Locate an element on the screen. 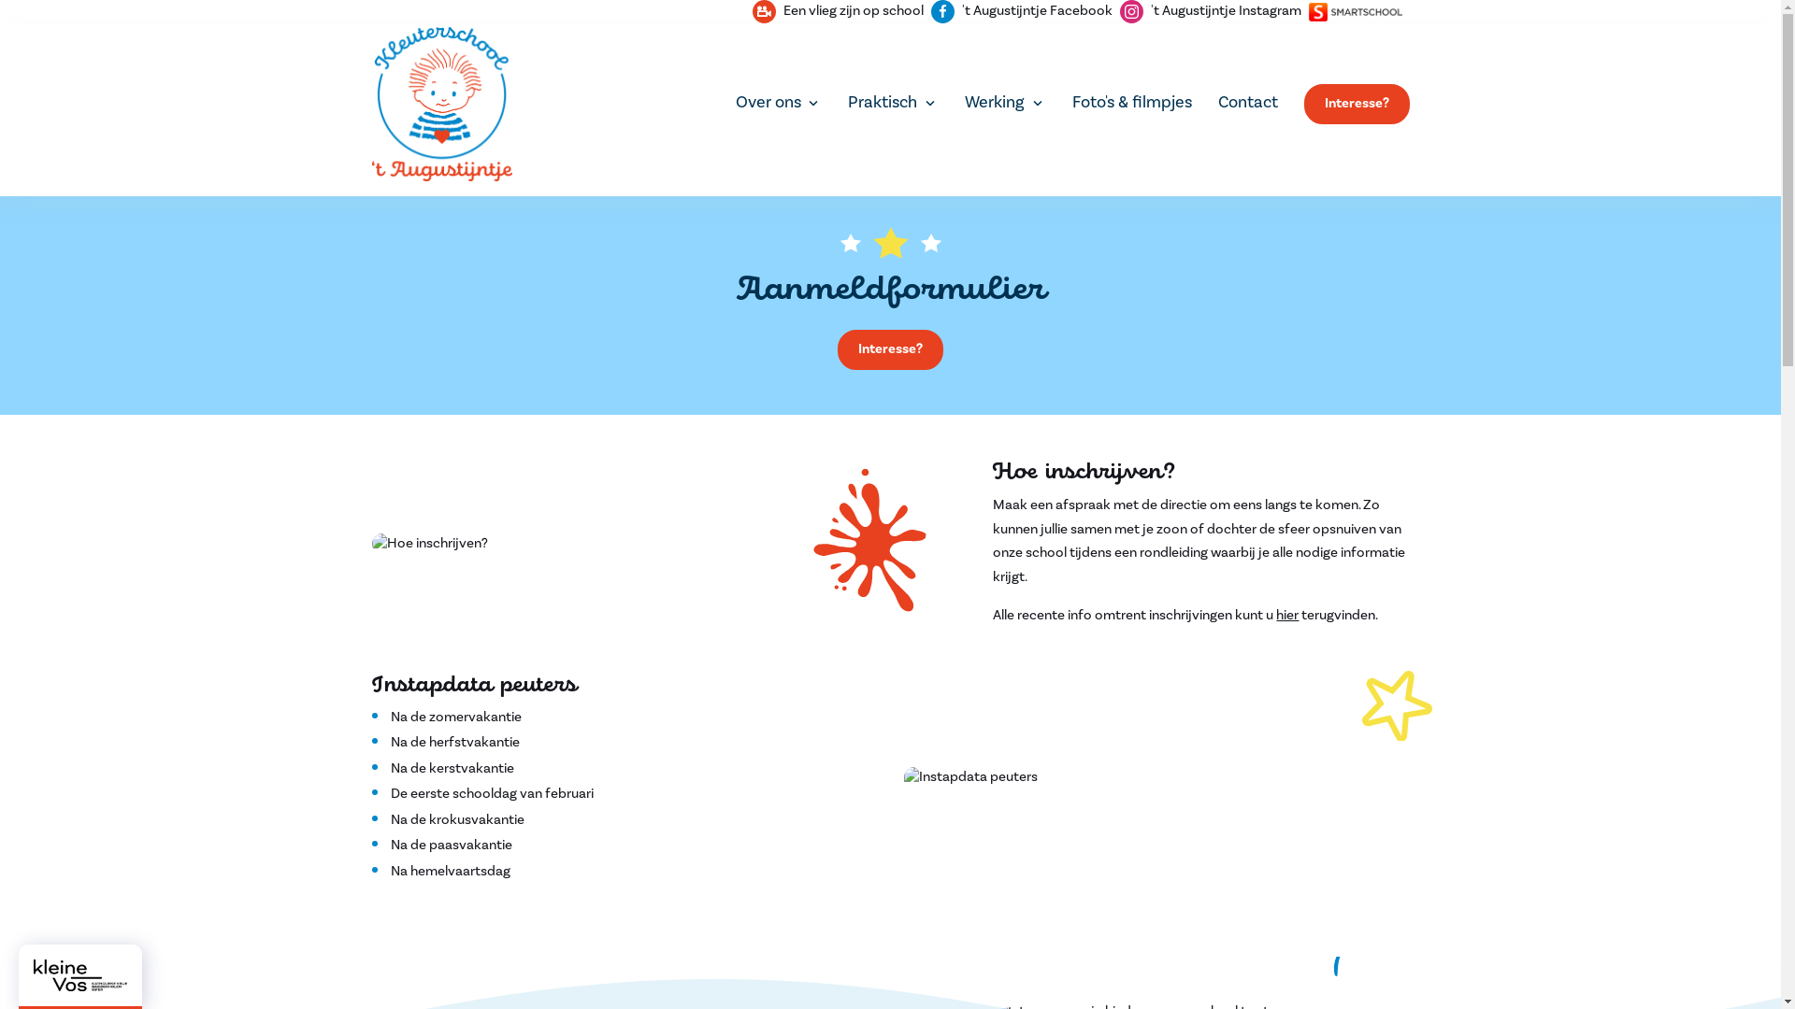 This screenshot has height=1009, width=1795. 'VKS 't Augustijntje' is located at coordinates (372, 104).